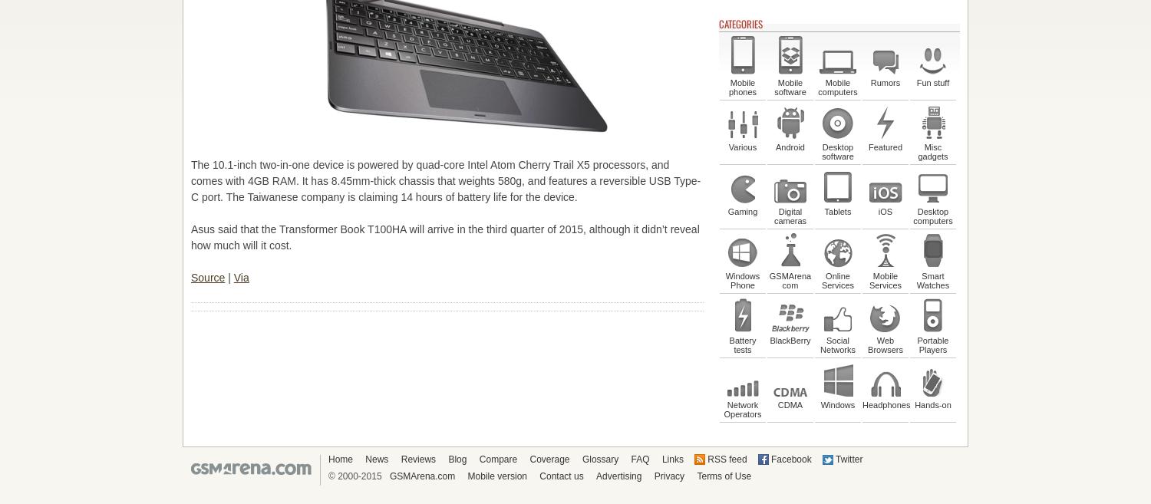  I want to click on 'Gaming', so click(741, 211).